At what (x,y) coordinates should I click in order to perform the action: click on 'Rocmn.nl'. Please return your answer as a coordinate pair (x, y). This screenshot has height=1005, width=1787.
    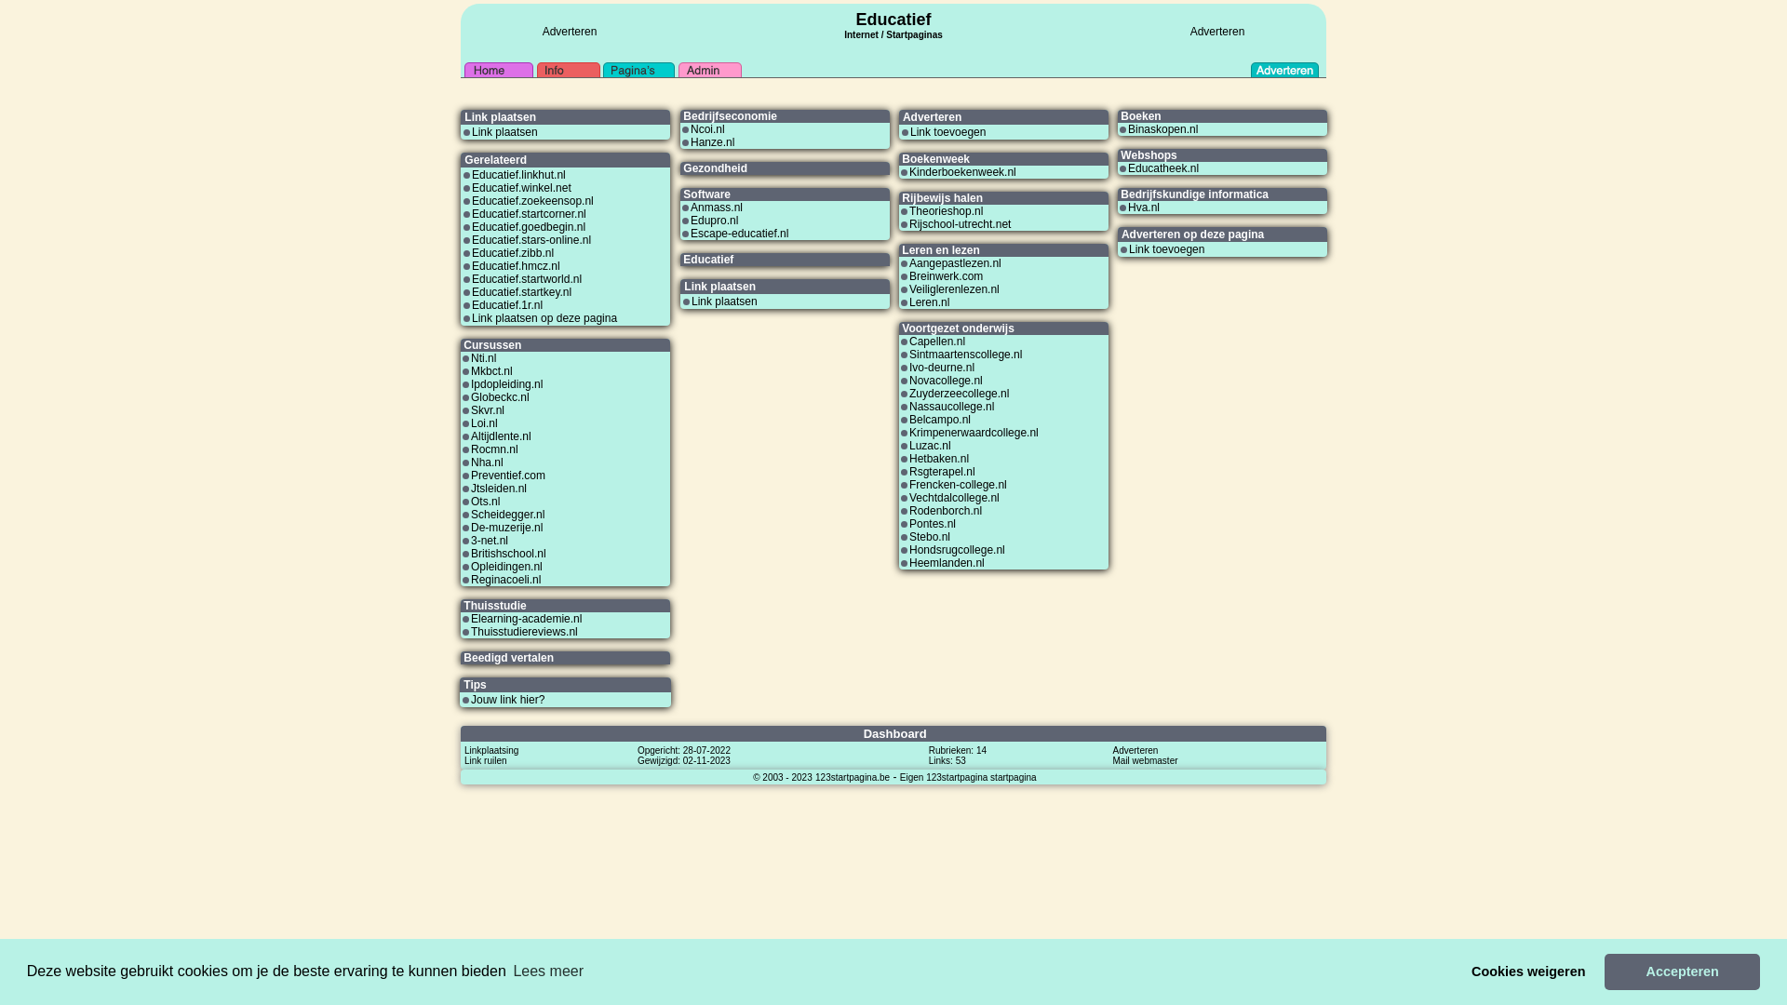
    Looking at the image, I should click on (494, 449).